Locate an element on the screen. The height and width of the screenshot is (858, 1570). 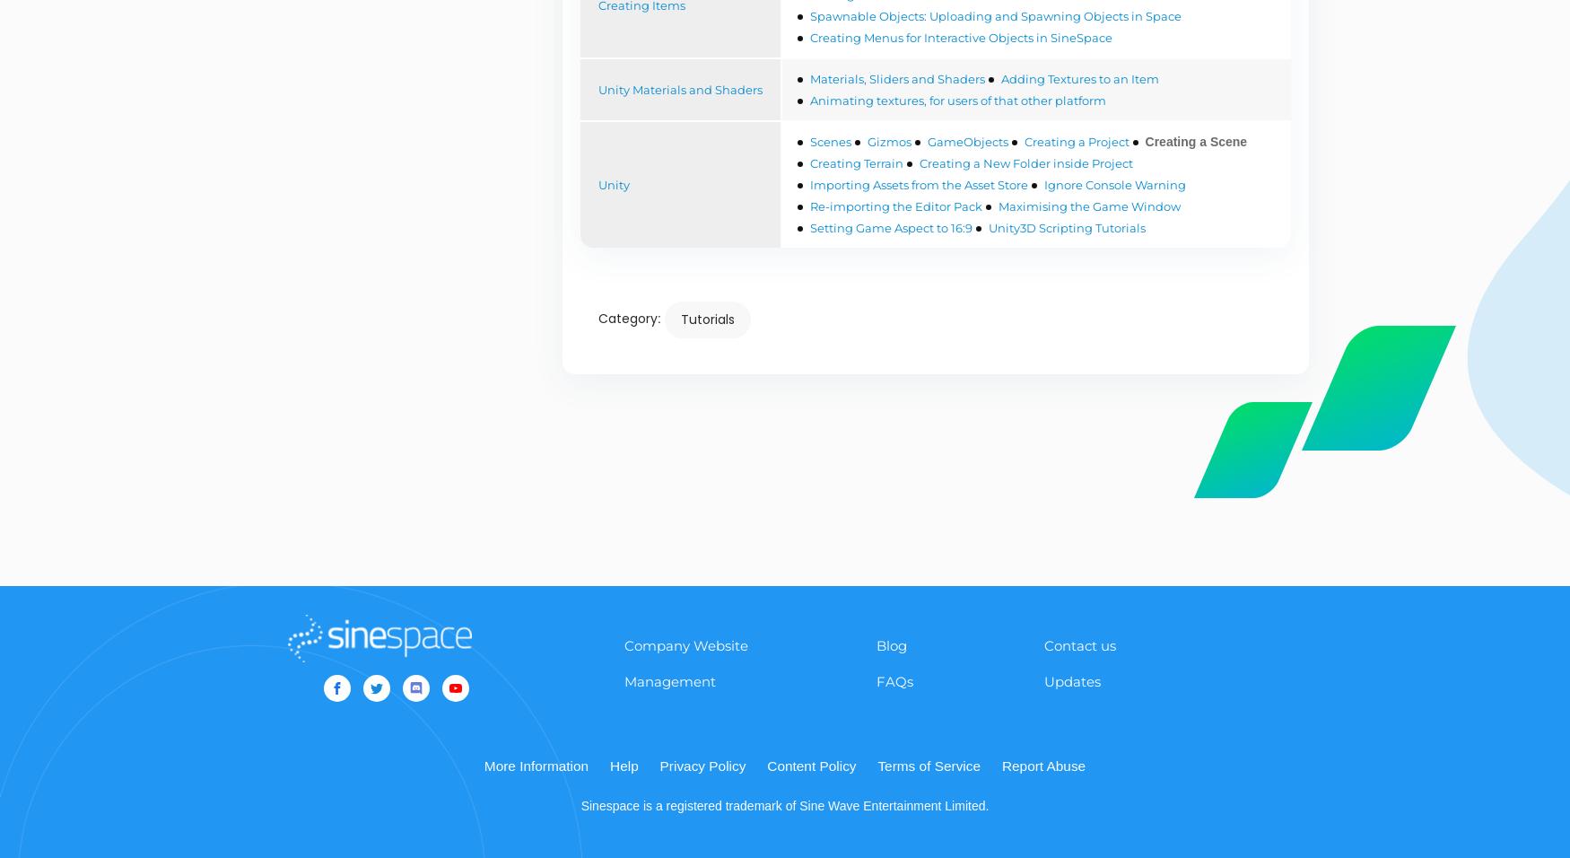
'Creating Menus for Interactive Objects in SineSpace' is located at coordinates (960, 36).